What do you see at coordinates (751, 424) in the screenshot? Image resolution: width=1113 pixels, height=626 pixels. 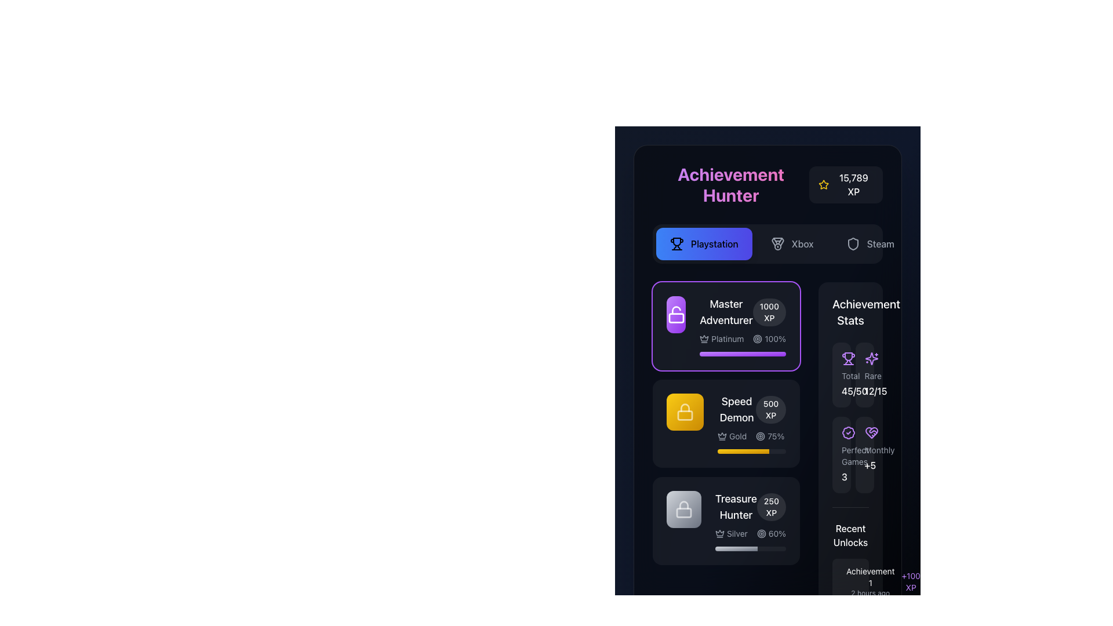 I see `the Achievement card that contains the text 'Speed Demon' styled in white, with '500 XP' in a round background, 'Gold' with a crown icon, and '75%' with a target icon, located below the 'Master Adventurer' card` at bounding box center [751, 424].